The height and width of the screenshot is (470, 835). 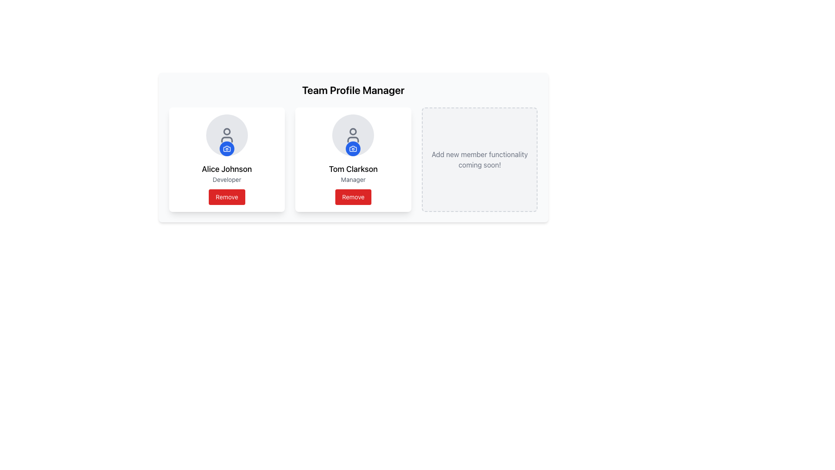 What do you see at coordinates (353, 135) in the screenshot?
I see `the user avatar icon in the profile card titled 'Tom Clarkson Manager', located in the second card from the left in the Team Profile Manager view` at bounding box center [353, 135].